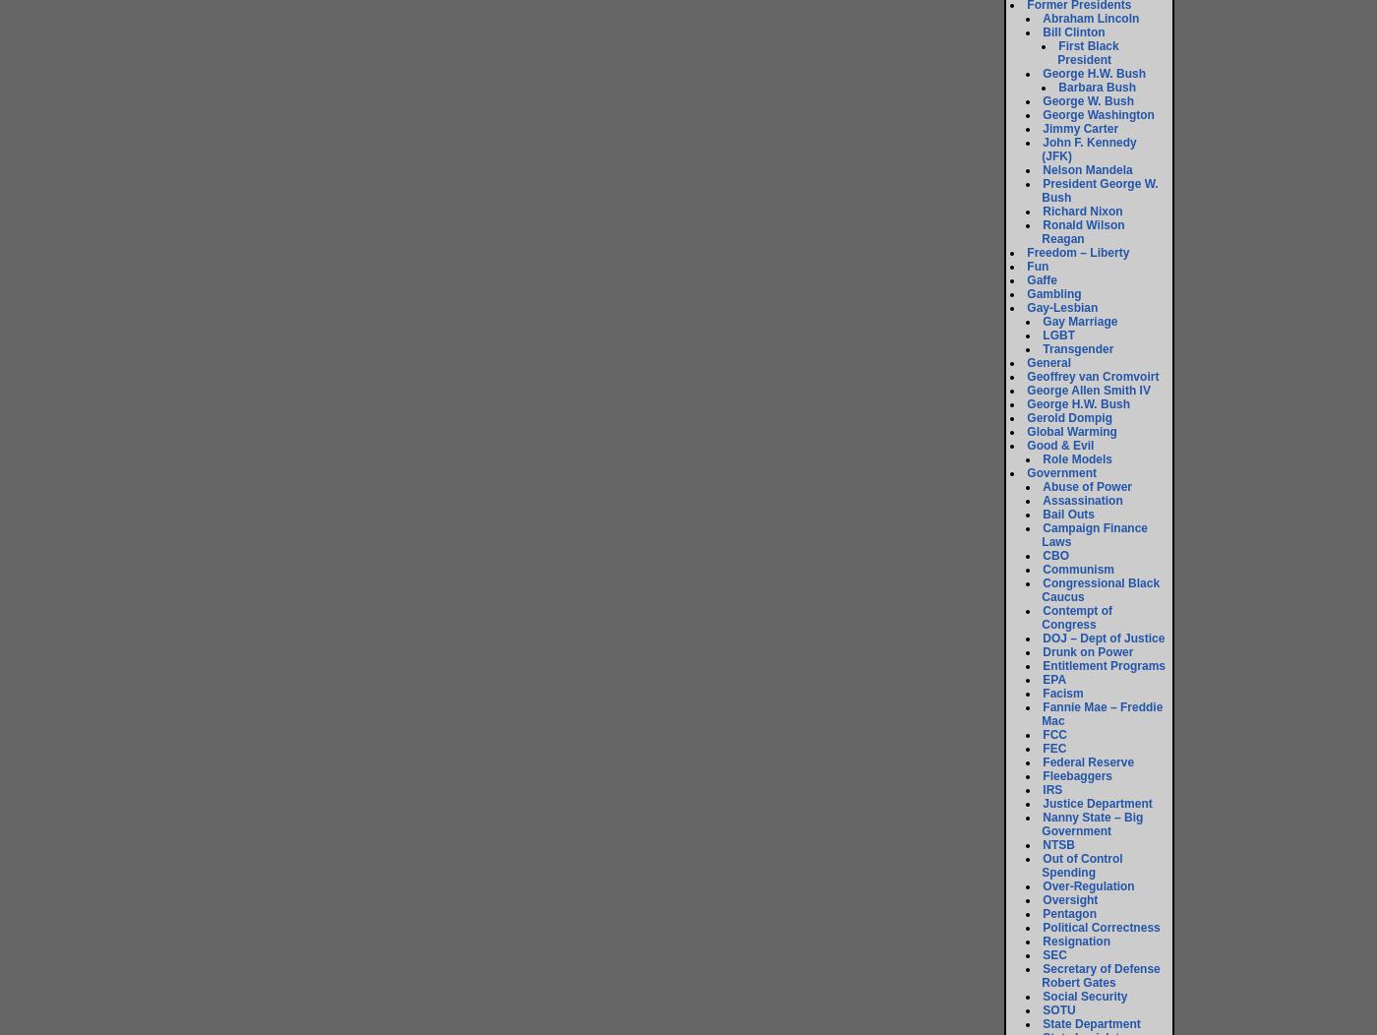  I want to click on 'President George W. Bush', so click(1100, 190).